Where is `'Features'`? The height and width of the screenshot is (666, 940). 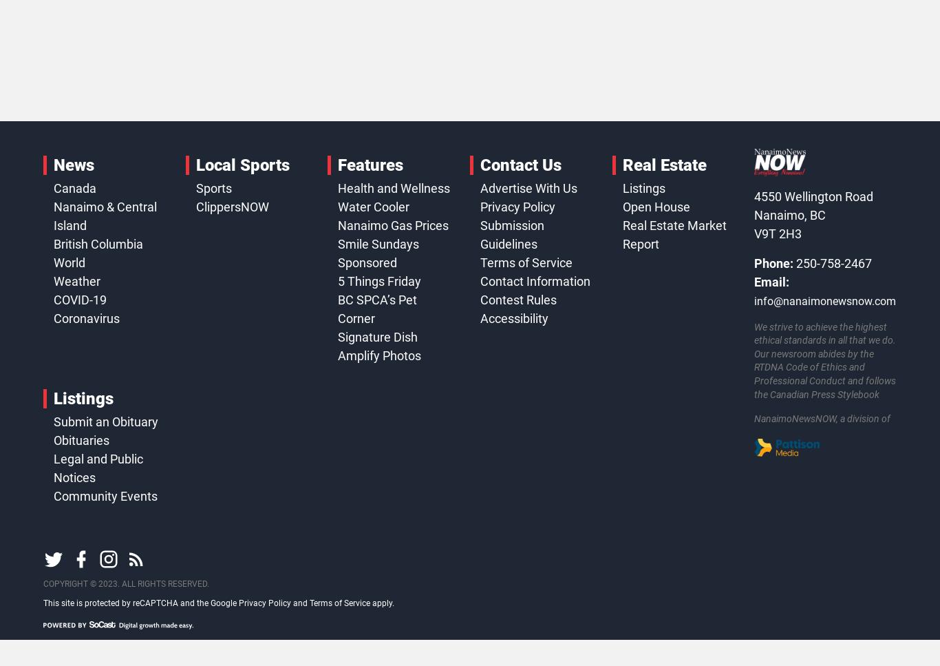
'Features' is located at coordinates (370, 165).